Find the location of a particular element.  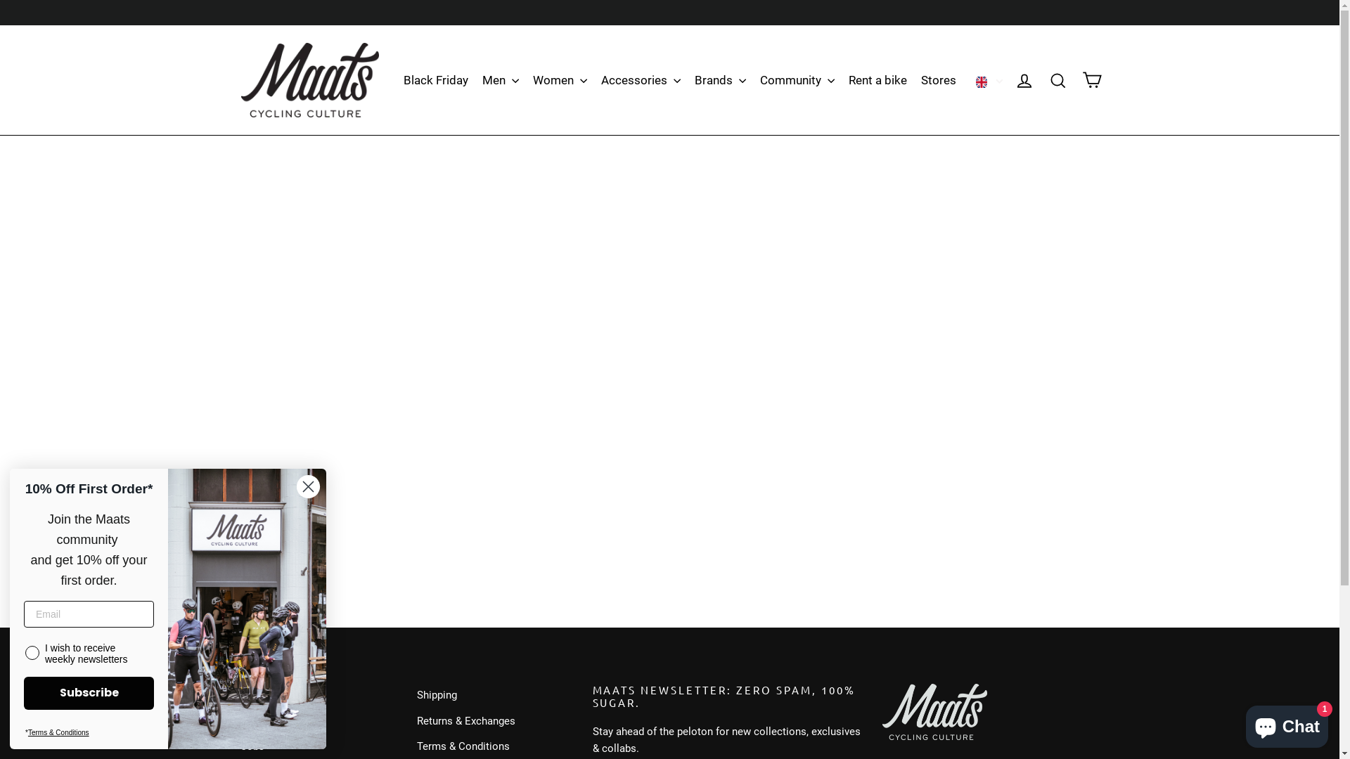

'Community' is located at coordinates (797, 80).